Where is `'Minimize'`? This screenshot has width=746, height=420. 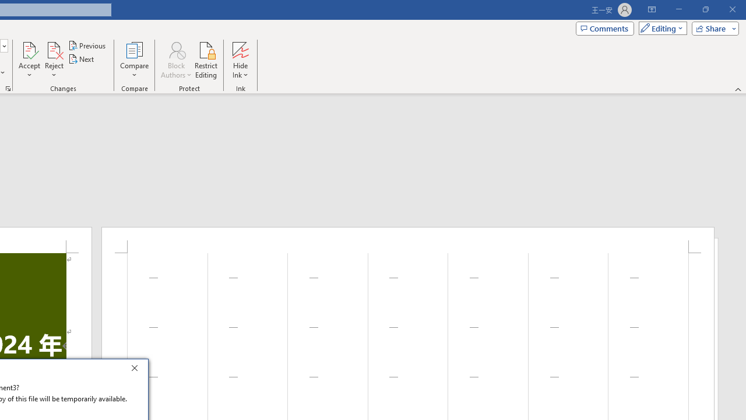
'Minimize' is located at coordinates (678, 9).